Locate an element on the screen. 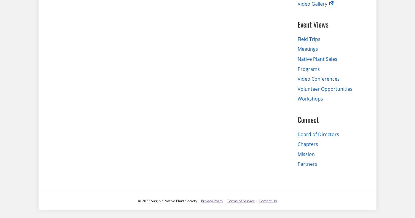  'Meetings' is located at coordinates (297, 49).